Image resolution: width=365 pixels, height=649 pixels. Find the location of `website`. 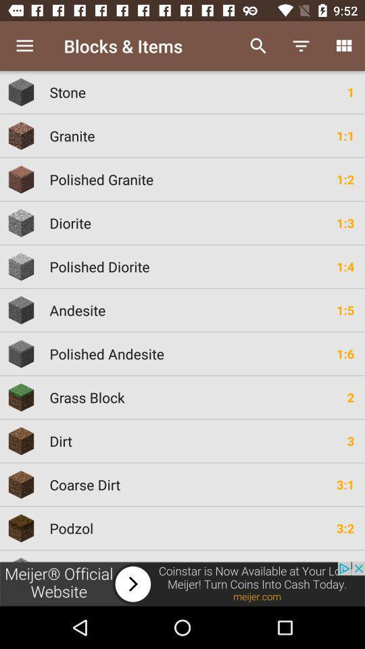

website is located at coordinates (182, 583).